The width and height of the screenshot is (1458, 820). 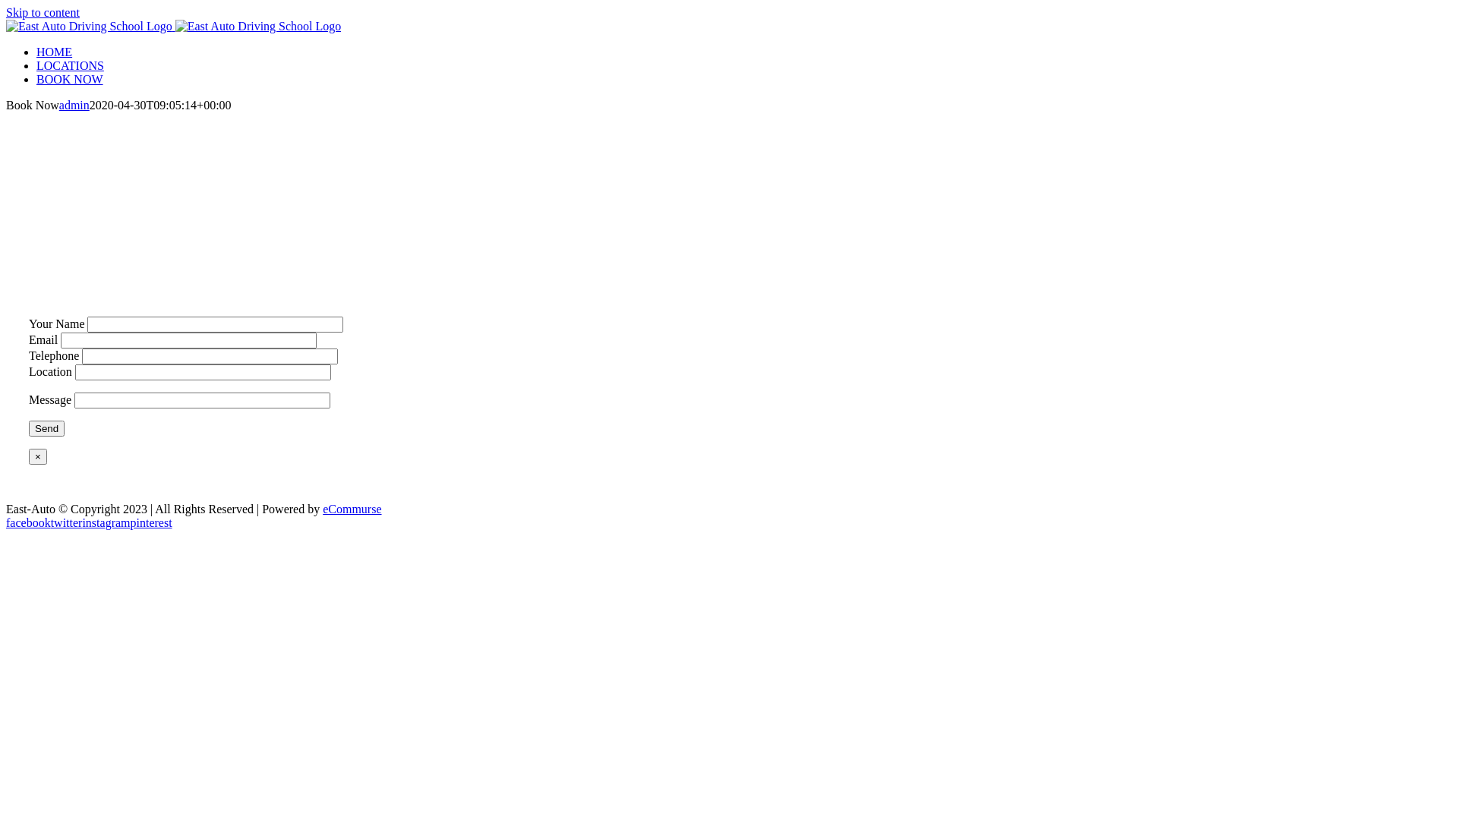 I want to click on 'facebook', so click(x=28, y=522).